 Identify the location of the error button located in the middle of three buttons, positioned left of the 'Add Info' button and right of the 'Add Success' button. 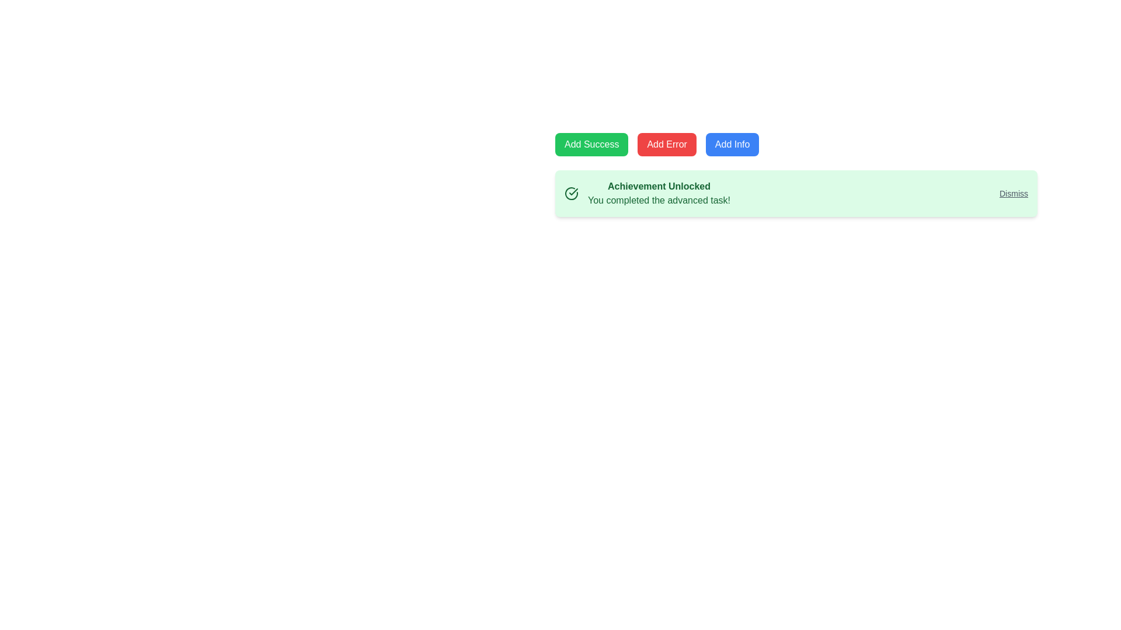
(667, 143).